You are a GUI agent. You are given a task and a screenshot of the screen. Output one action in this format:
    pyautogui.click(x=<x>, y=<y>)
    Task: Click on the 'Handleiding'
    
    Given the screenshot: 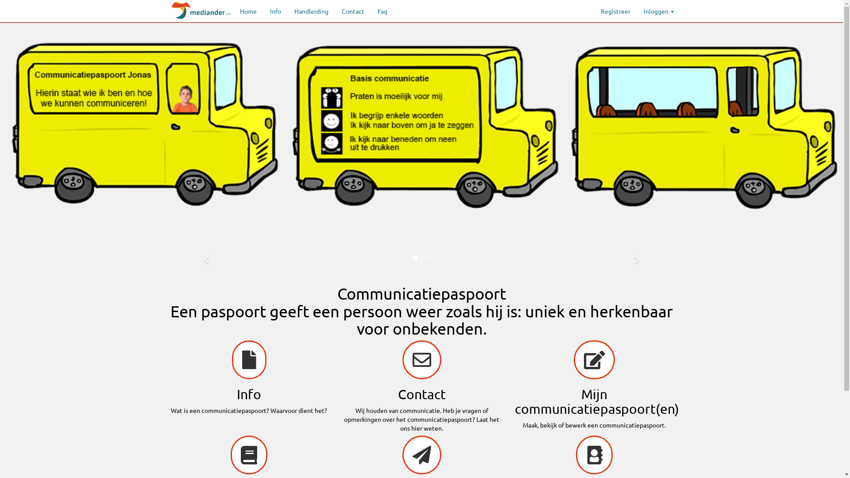 What is the action you would take?
    pyautogui.click(x=287, y=11)
    